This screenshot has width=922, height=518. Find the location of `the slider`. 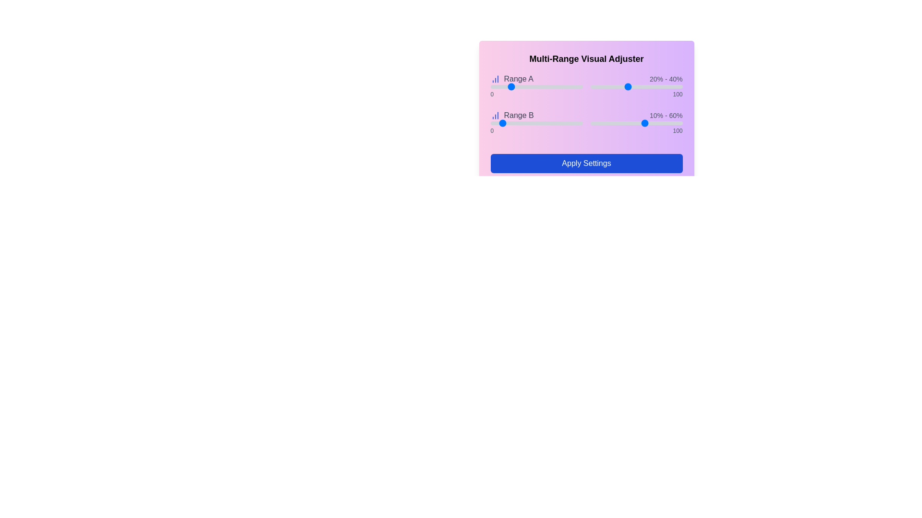

the slider is located at coordinates (641, 87).